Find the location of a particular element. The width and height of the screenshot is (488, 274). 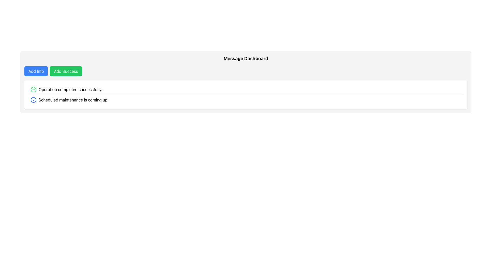

static text label that displays 'Scheduled maintenance is coming up.' located in the notification area to the right of the info icon is located at coordinates (73, 100).